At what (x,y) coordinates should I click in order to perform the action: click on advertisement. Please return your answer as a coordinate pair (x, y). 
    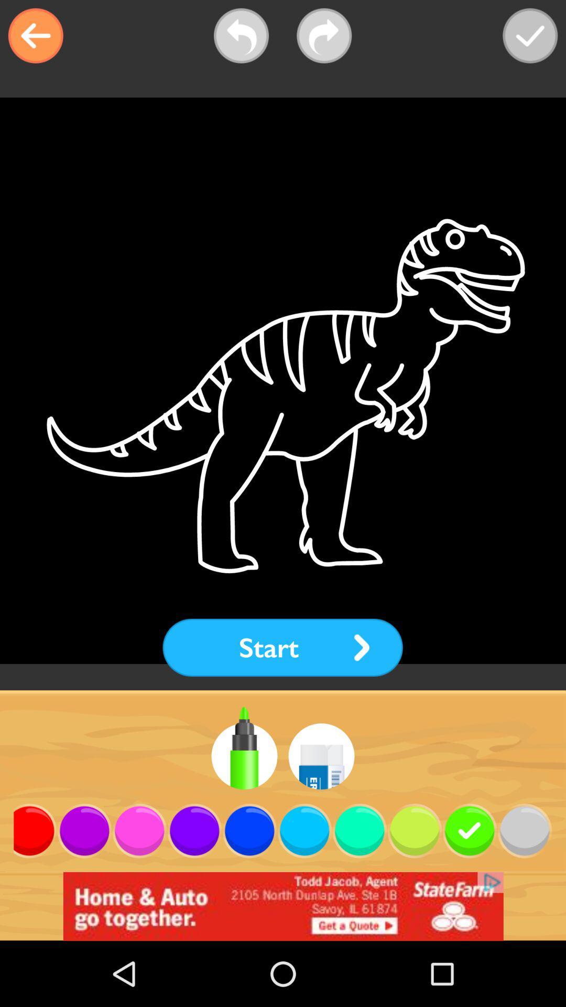
    Looking at the image, I should click on (283, 906).